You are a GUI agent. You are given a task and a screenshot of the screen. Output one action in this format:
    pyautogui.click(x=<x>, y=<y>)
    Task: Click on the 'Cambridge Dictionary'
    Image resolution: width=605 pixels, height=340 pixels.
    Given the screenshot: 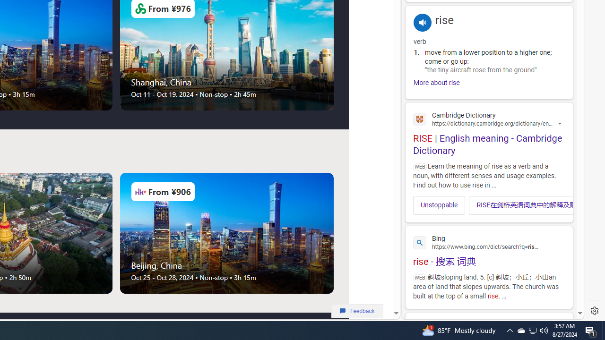 What is the action you would take?
    pyautogui.click(x=489, y=118)
    